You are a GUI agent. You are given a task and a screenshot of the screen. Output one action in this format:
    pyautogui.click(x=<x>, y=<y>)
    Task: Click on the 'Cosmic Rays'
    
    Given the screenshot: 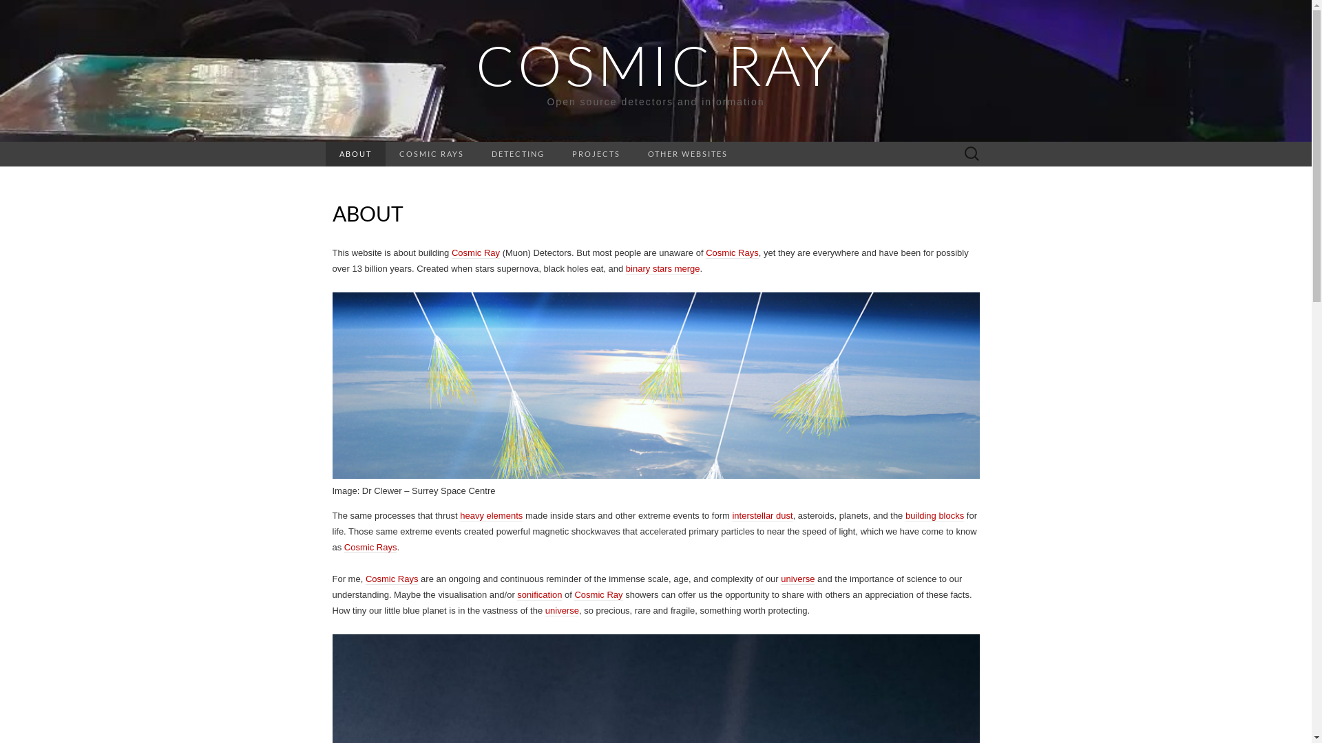 What is the action you would take?
    pyautogui.click(x=731, y=252)
    